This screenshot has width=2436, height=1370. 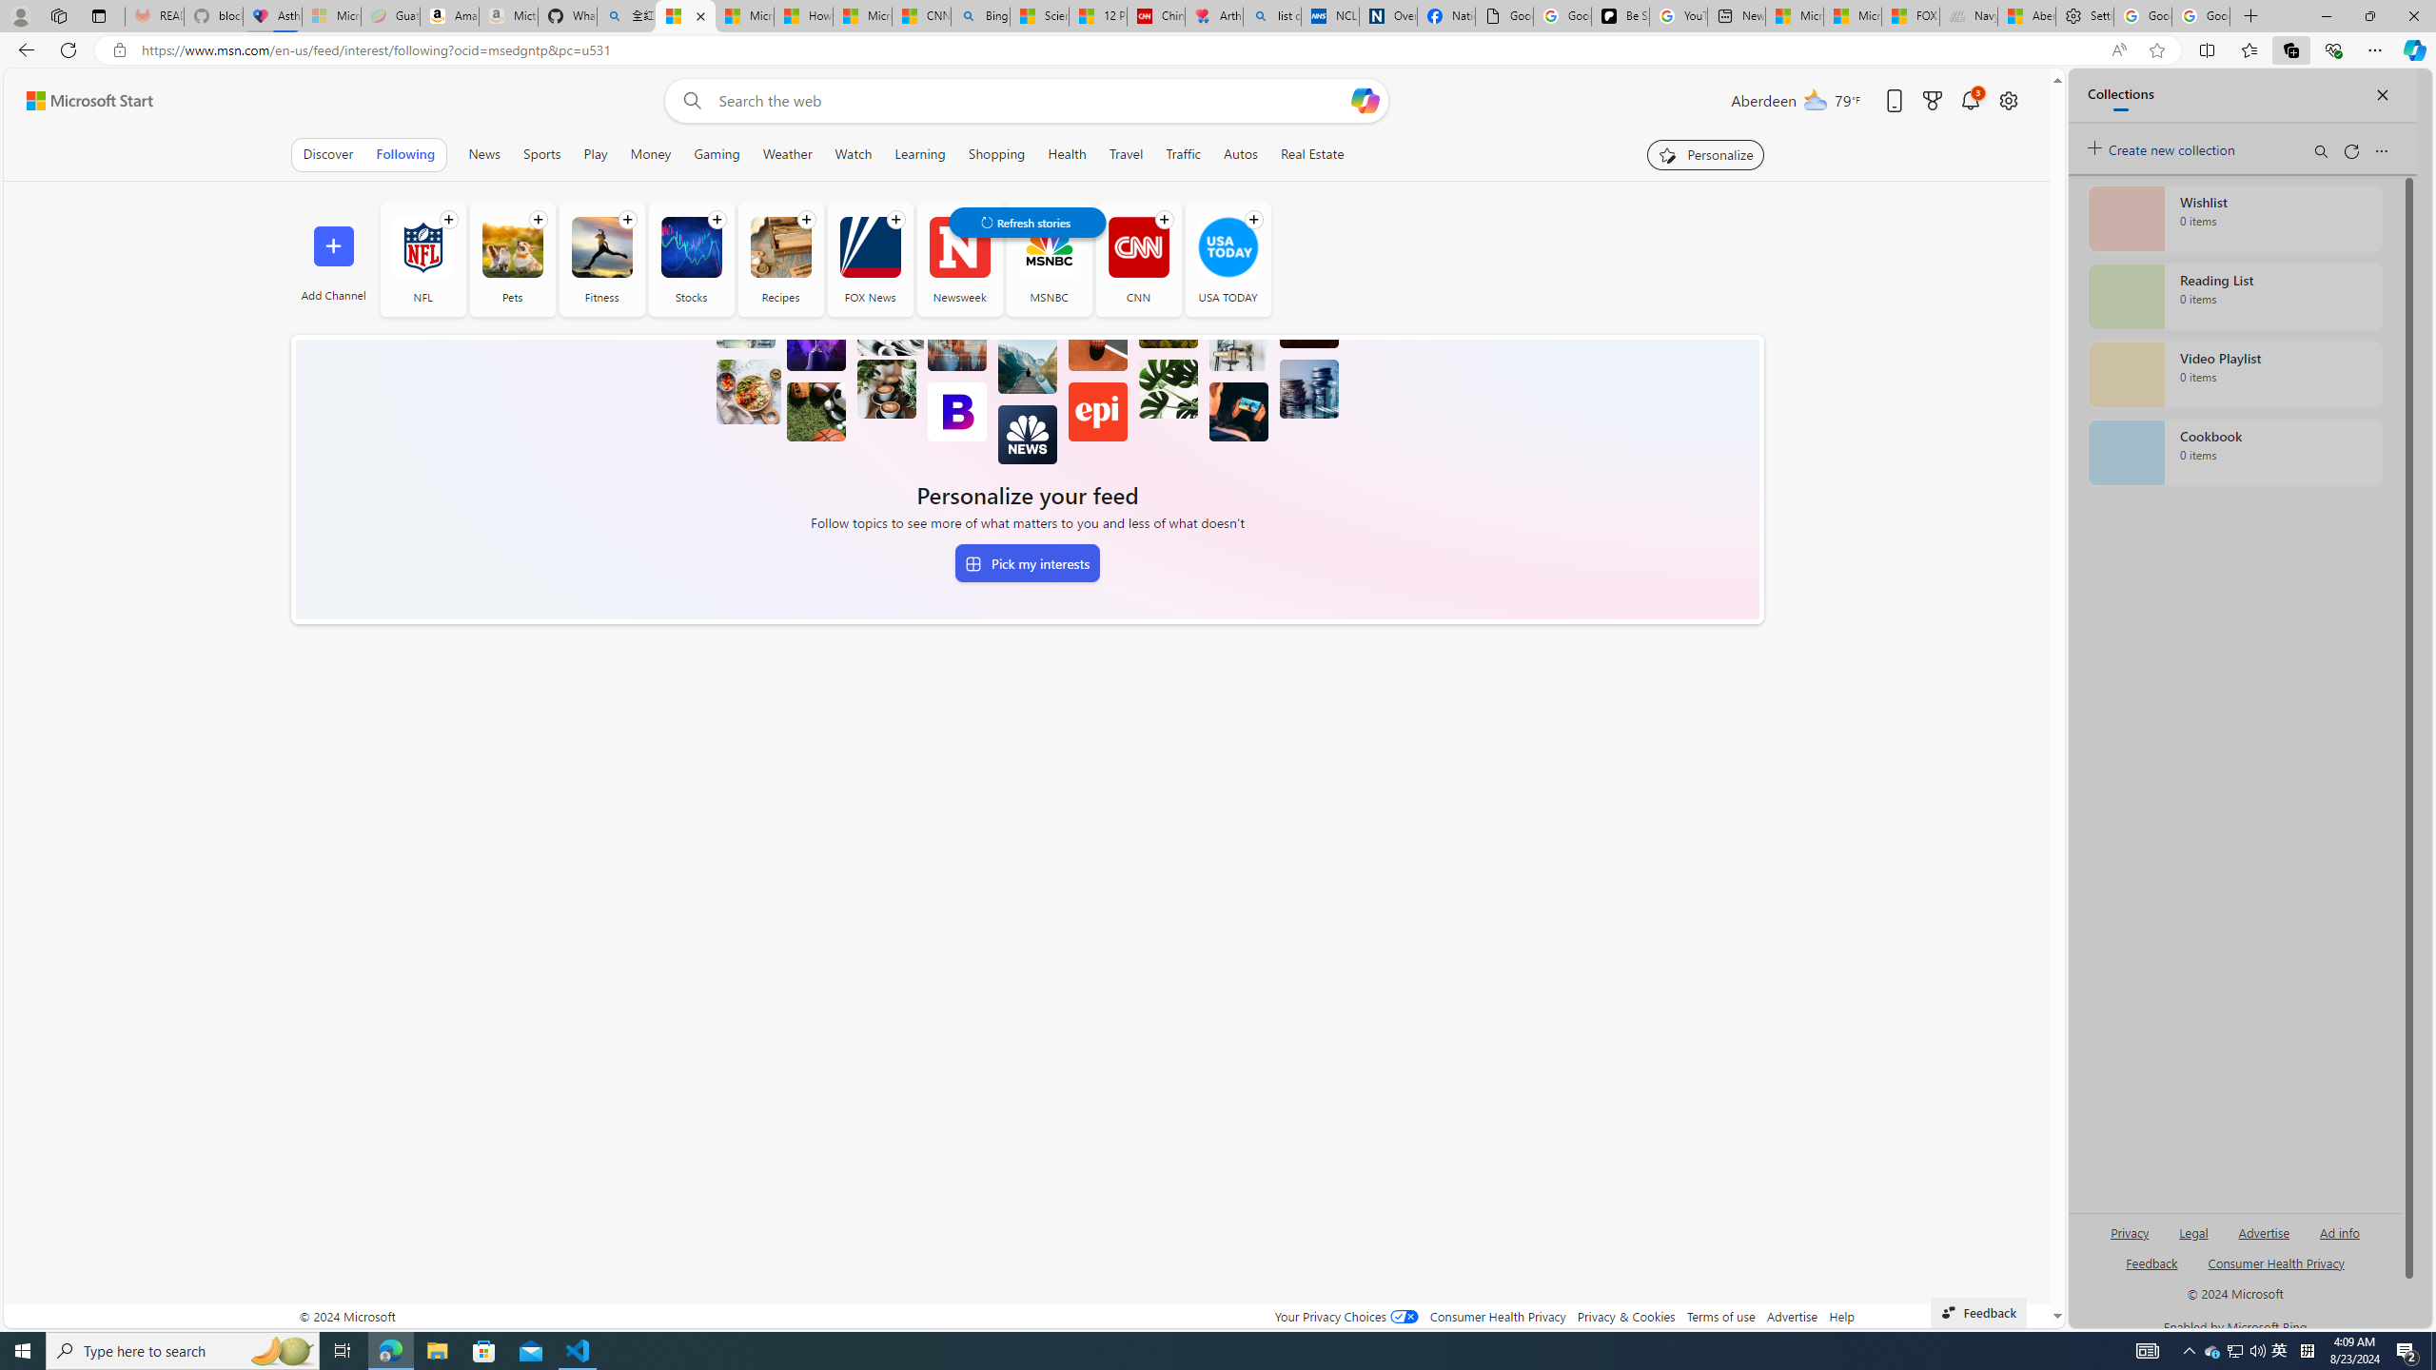 What do you see at coordinates (2006, 101) in the screenshot?
I see `'Open settings'` at bounding box center [2006, 101].